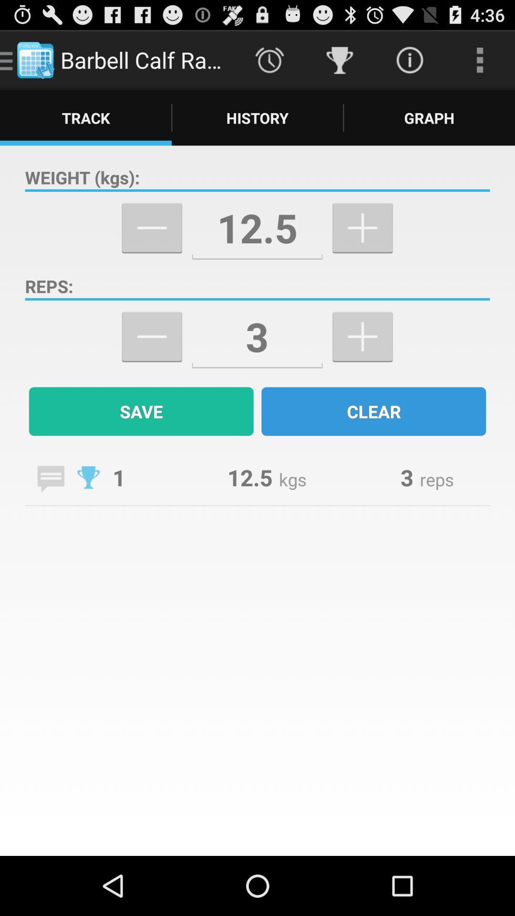 This screenshot has height=916, width=515. Describe the element at coordinates (151, 244) in the screenshot. I see `the minus icon` at that location.